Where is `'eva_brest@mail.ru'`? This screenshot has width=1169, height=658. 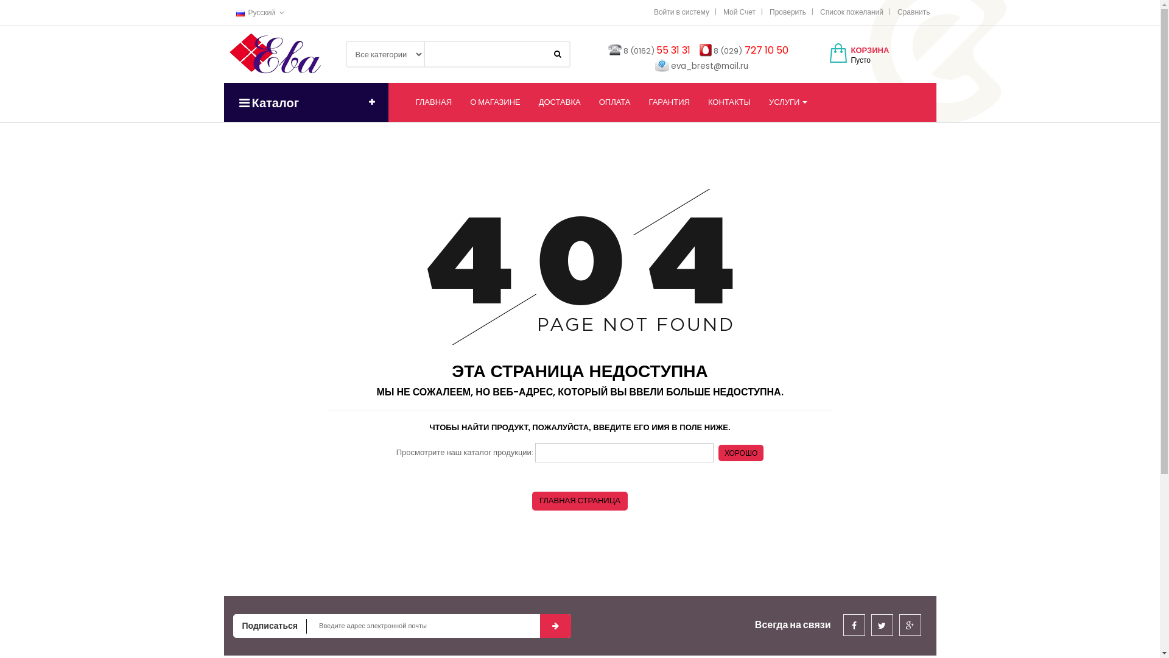 'eva_brest@mail.ru' is located at coordinates (709, 66).